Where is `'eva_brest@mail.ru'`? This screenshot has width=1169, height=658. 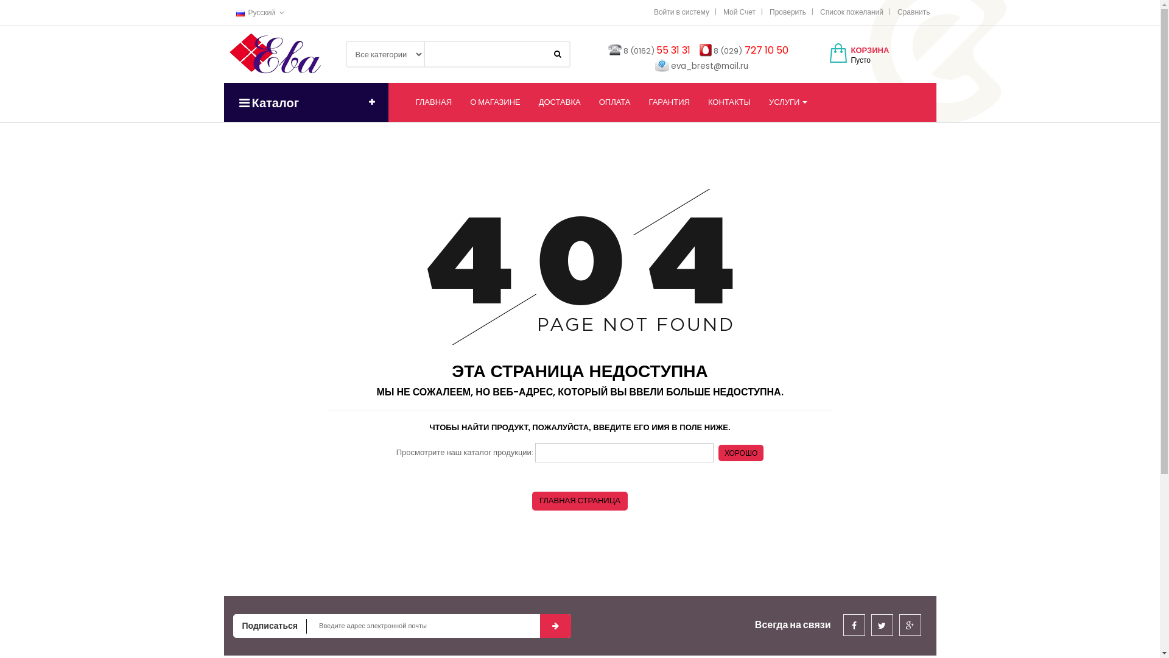 'eva_brest@mail.ru' is located at coordinates (709, 66).